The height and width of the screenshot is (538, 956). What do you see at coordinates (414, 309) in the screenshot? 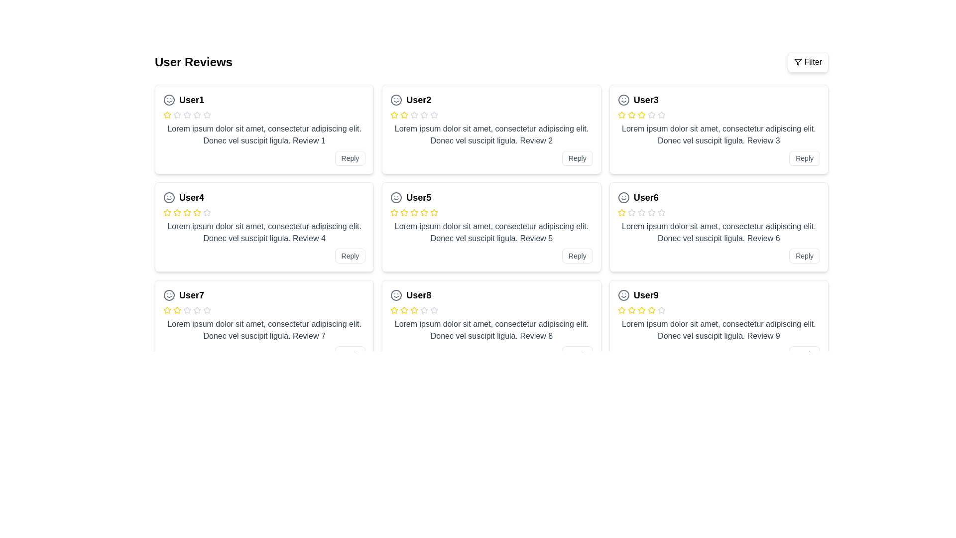
I see `the third star glyph in the rating system for 'User8'` at bounding box center [414, 309].